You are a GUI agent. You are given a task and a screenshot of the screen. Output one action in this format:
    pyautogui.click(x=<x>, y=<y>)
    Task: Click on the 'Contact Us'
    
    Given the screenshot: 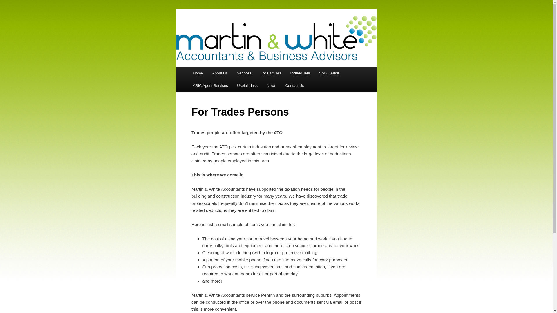 What is the action you would take?
    pyautogui.click(x=281, y=85)
    